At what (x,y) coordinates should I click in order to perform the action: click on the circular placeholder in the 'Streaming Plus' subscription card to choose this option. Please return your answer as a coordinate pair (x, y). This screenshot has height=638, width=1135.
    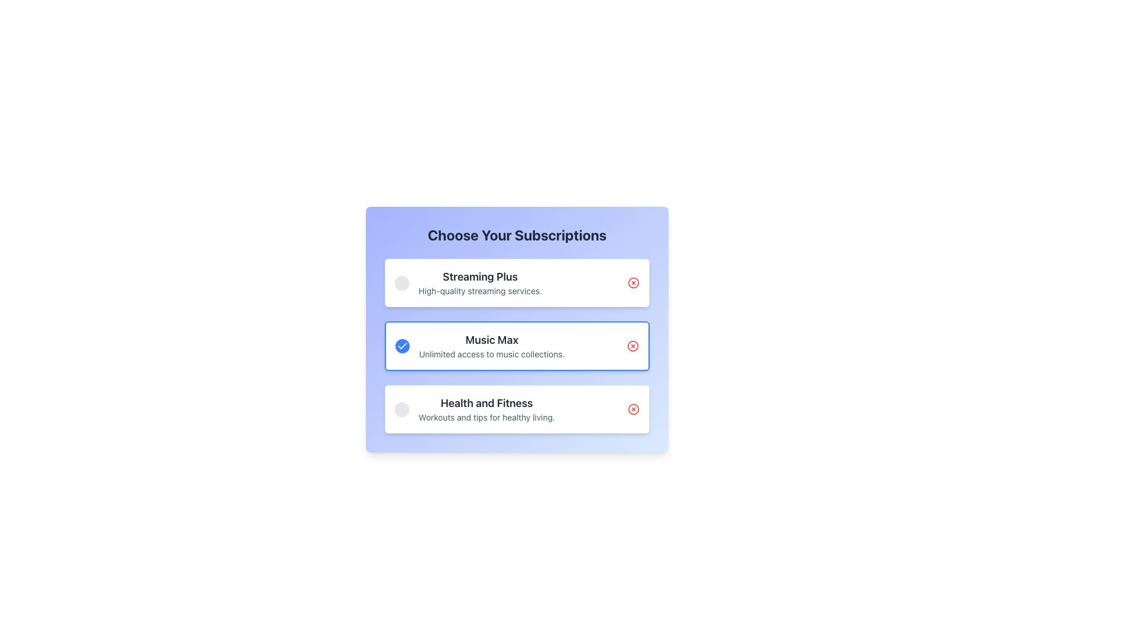
    Looking at the image, I should click on (517, 282).